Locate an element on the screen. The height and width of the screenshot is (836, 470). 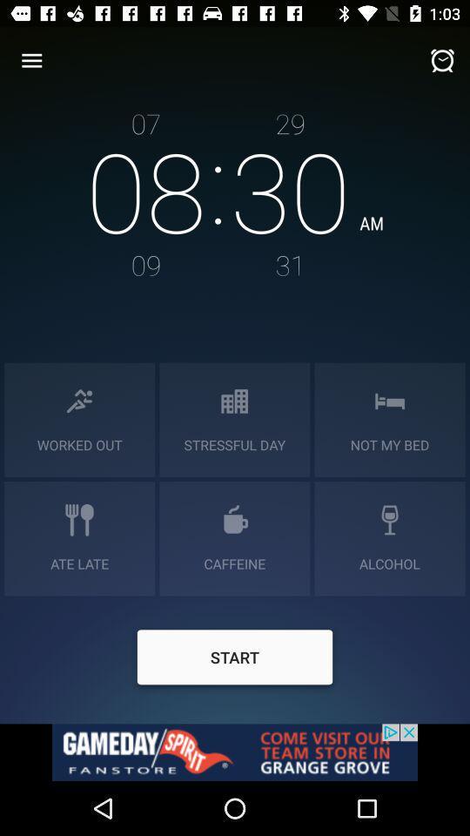
icon with glass is located at coordinates (390, 520).